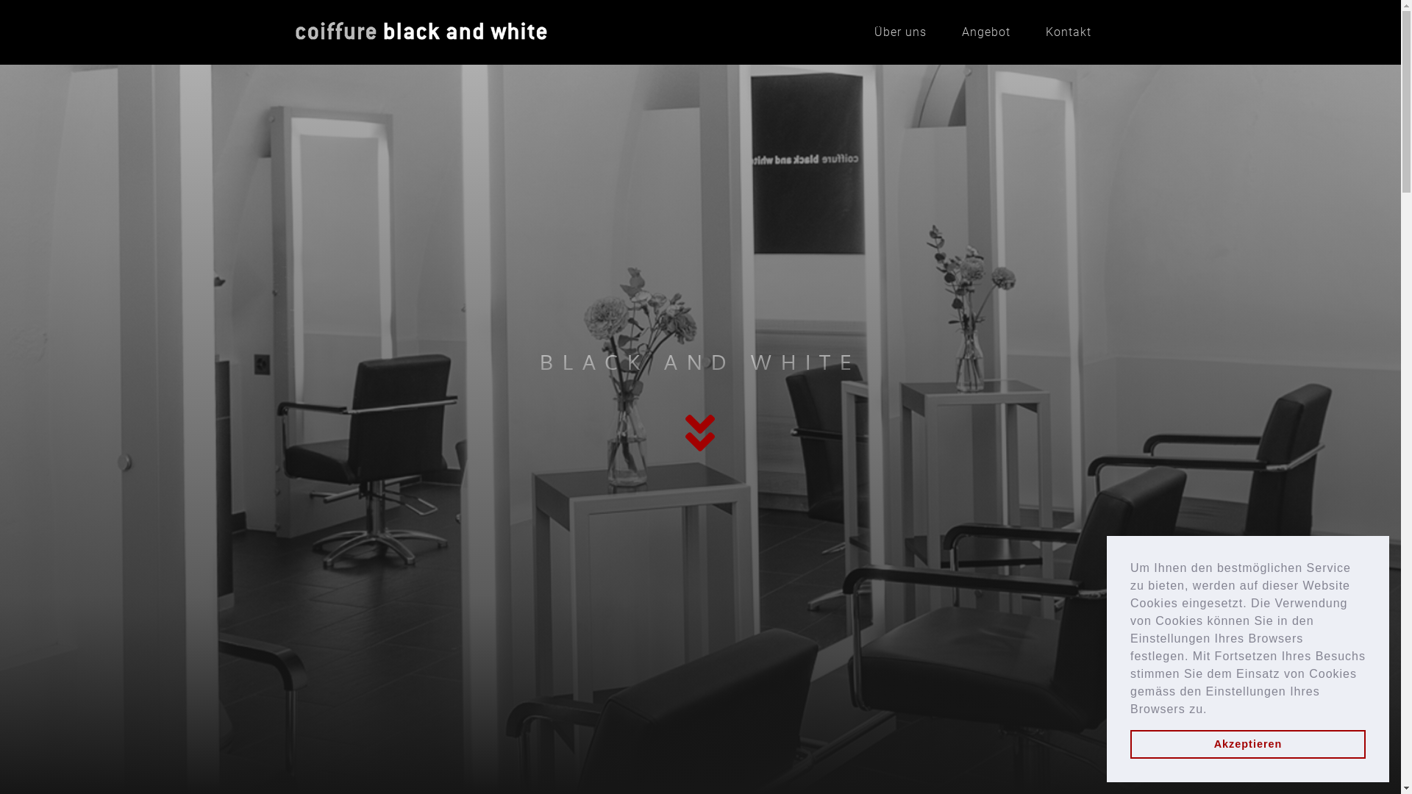 The width and height of the screenshot is (1412, 794). Describe the element at coordinates (1069, 32) in the screenshot. I see `'Kontakt'` at that location.